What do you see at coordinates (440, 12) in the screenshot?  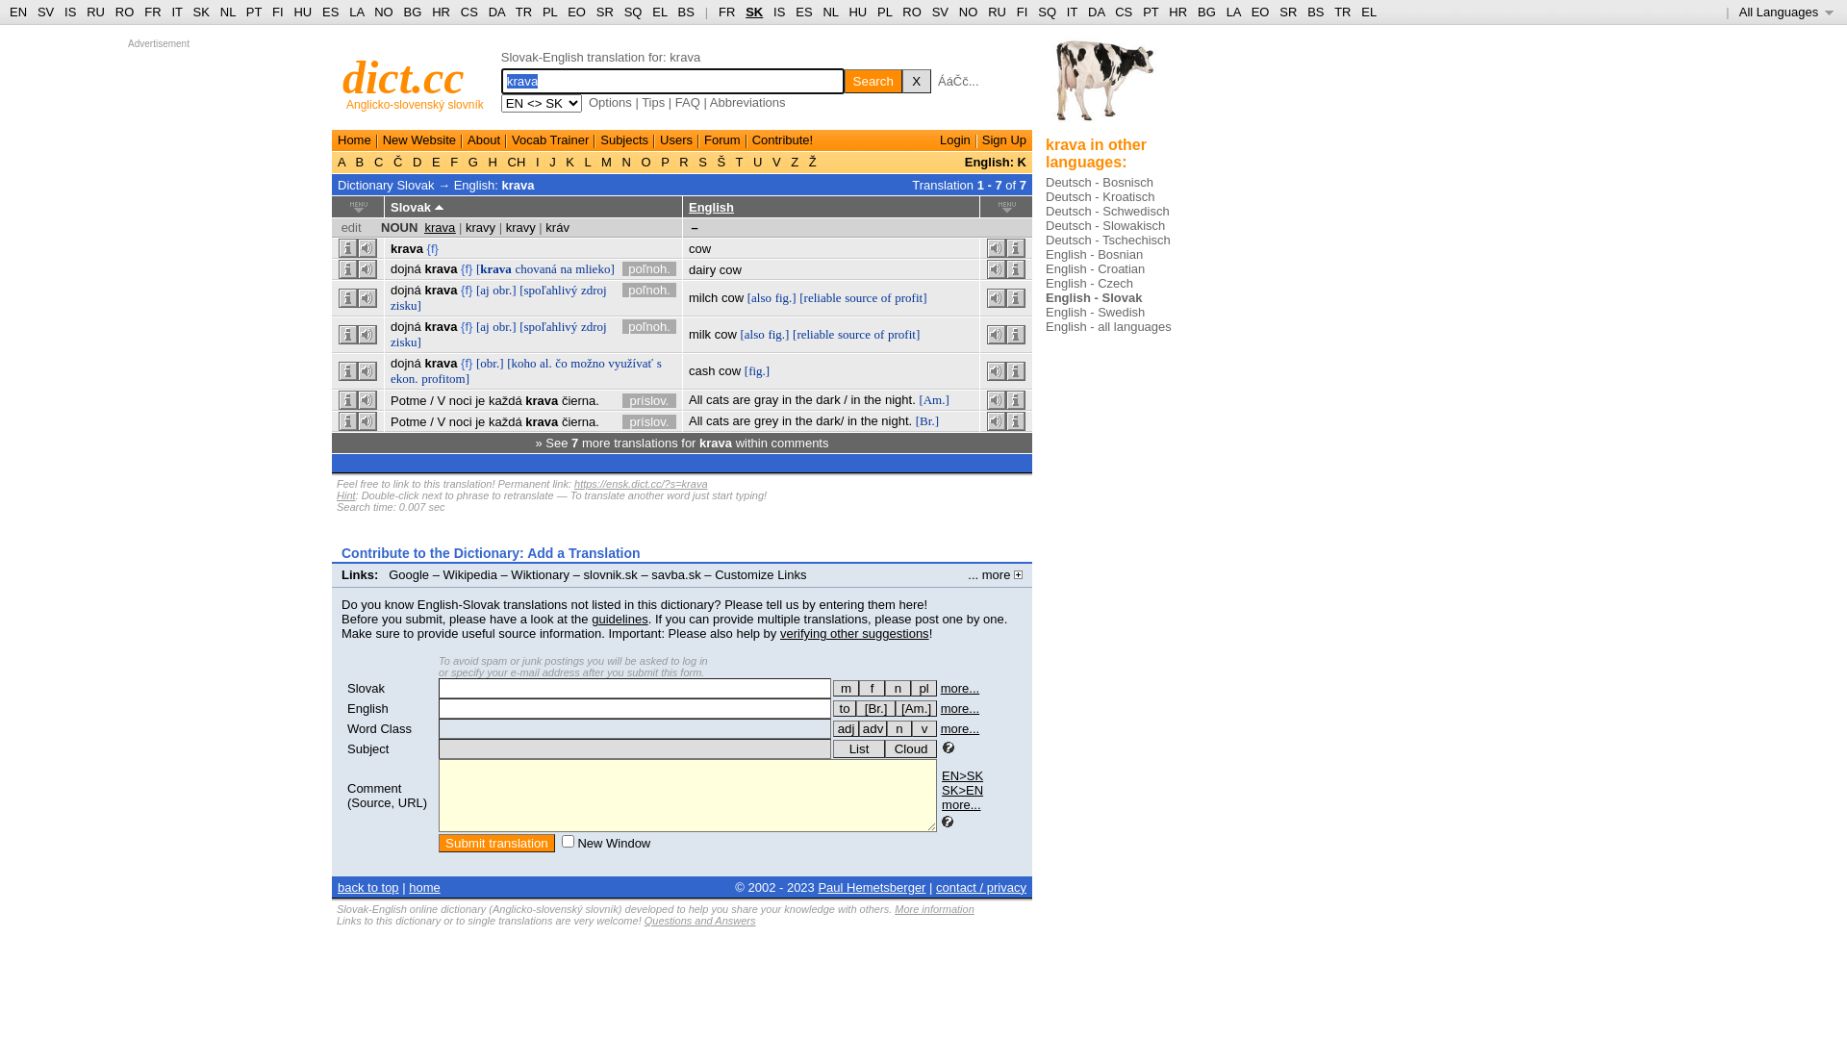 I see `'HR'` at bounding box center [440, 12].